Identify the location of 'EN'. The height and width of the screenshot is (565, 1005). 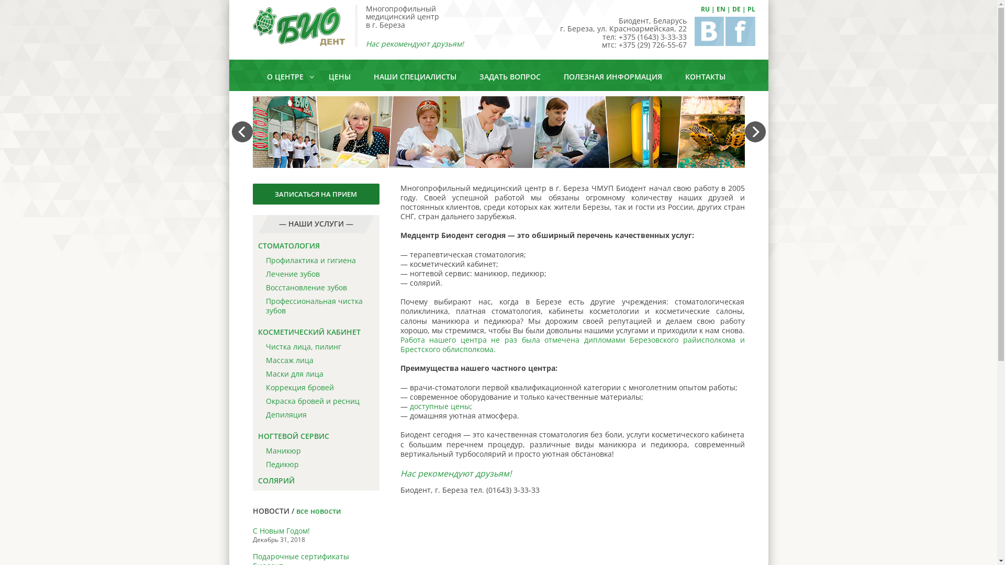
(716, 9).